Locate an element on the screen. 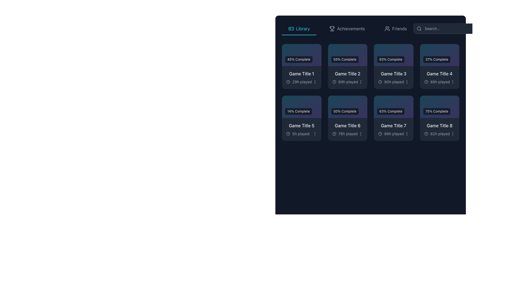  the Informational Label displaying '86h played' with a clock icon, located beneath the 'Game Title 7' label in the card layout is located at coordinates (394, 134).